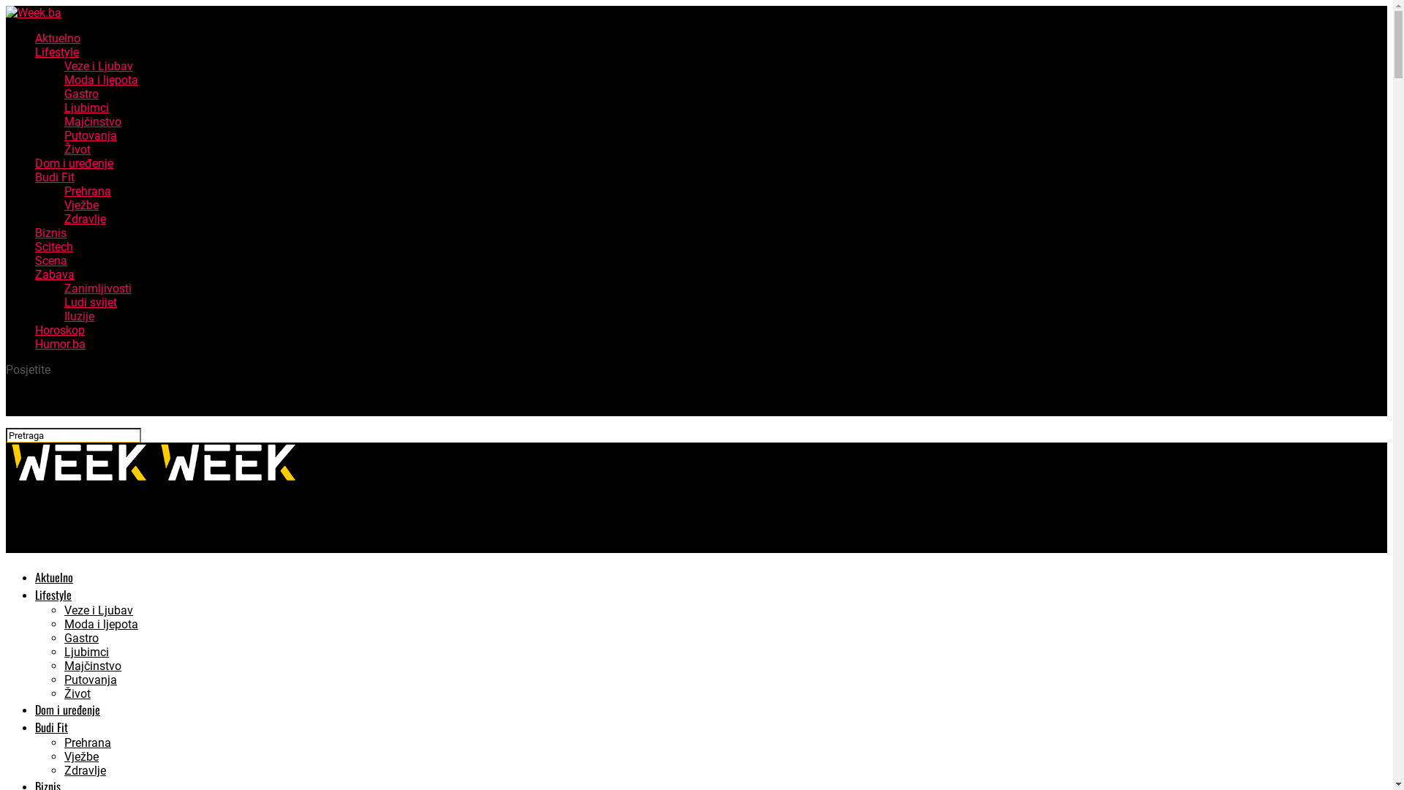 The width and height of the screenshot is (1404, 790). I want to click on 'Zanimljivosti', so click(97, 288).